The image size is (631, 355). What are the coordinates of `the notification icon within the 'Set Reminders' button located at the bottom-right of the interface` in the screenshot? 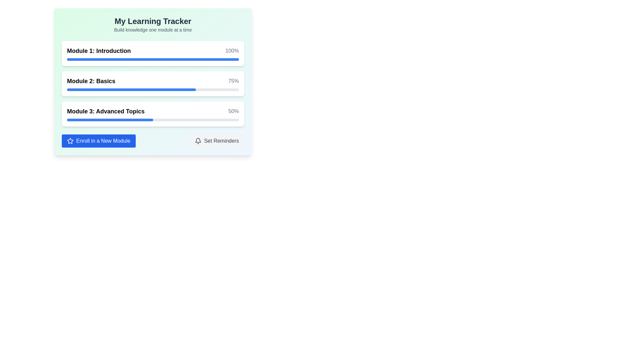 It's located at (198, 140).